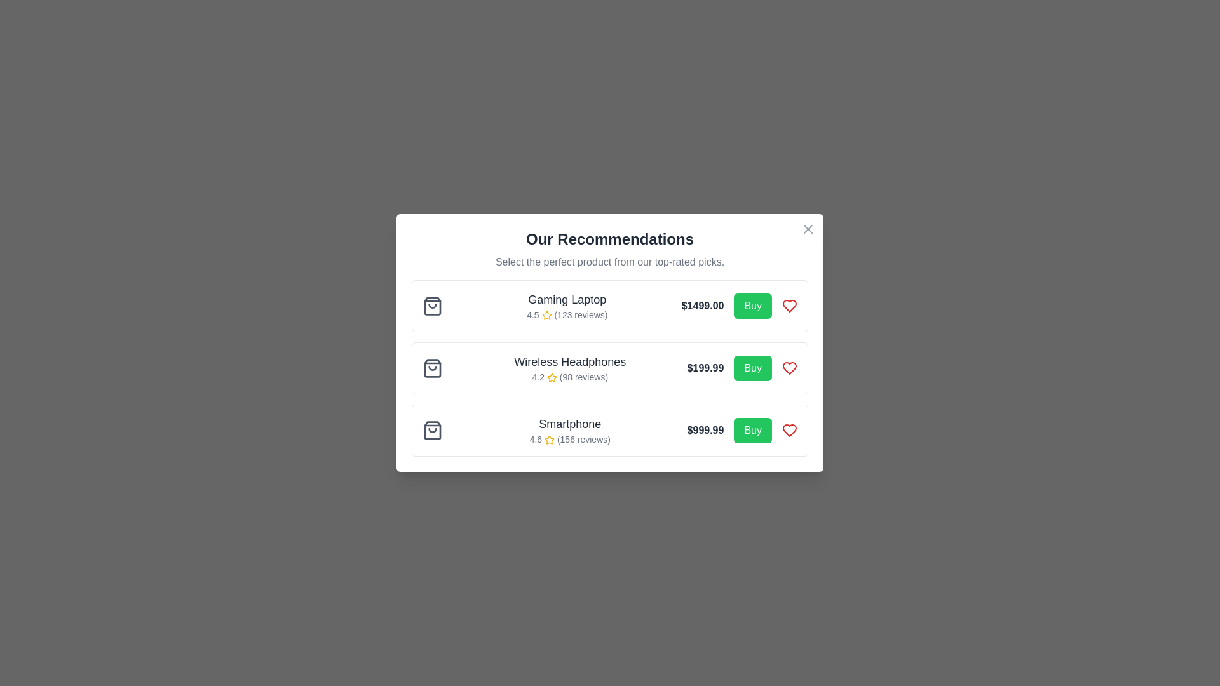  I want to click on the star rating icon located to the left of the text '4.6 (156 reviews)' for the product 'Smartphone' in the bottom row of the recommendation list, so click(549, 440).